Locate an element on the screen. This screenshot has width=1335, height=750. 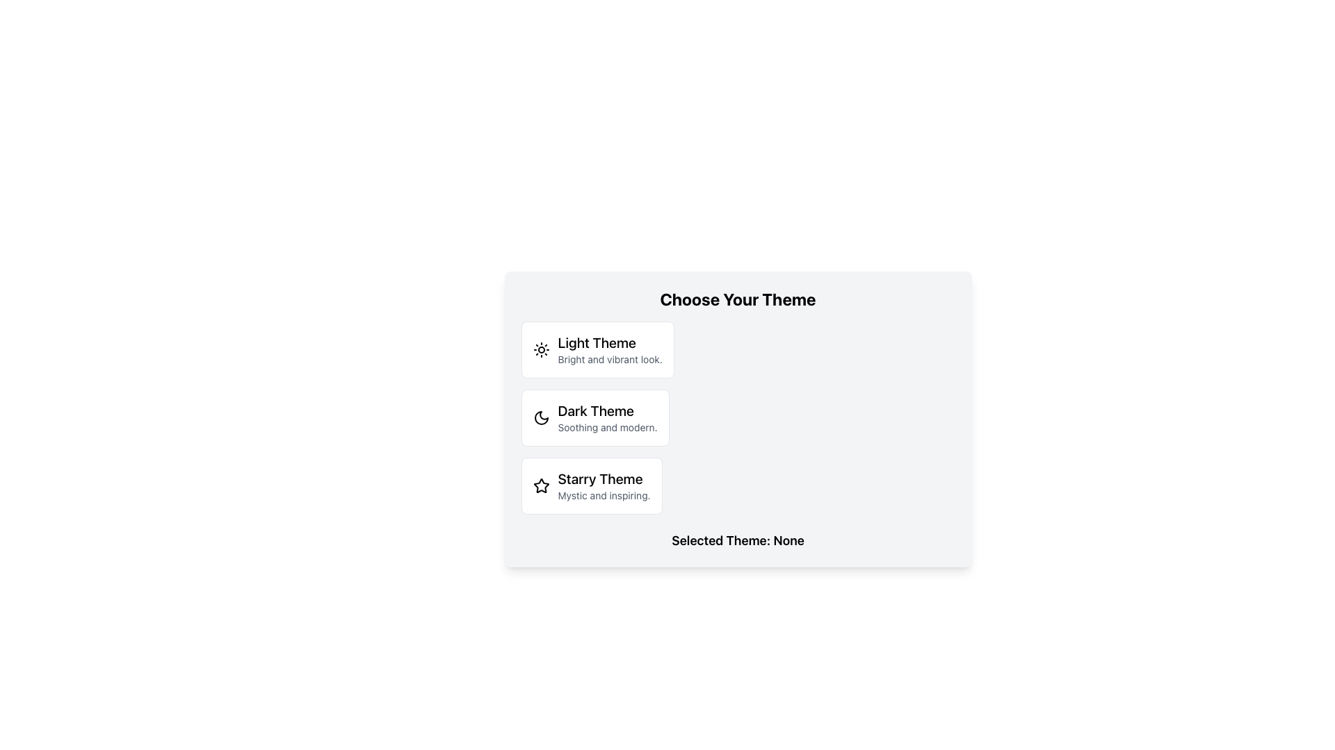
the 'Starry Theme' button, which is a rectangular button with a white background and an outlined star icon is located at coordinates (592, 485).